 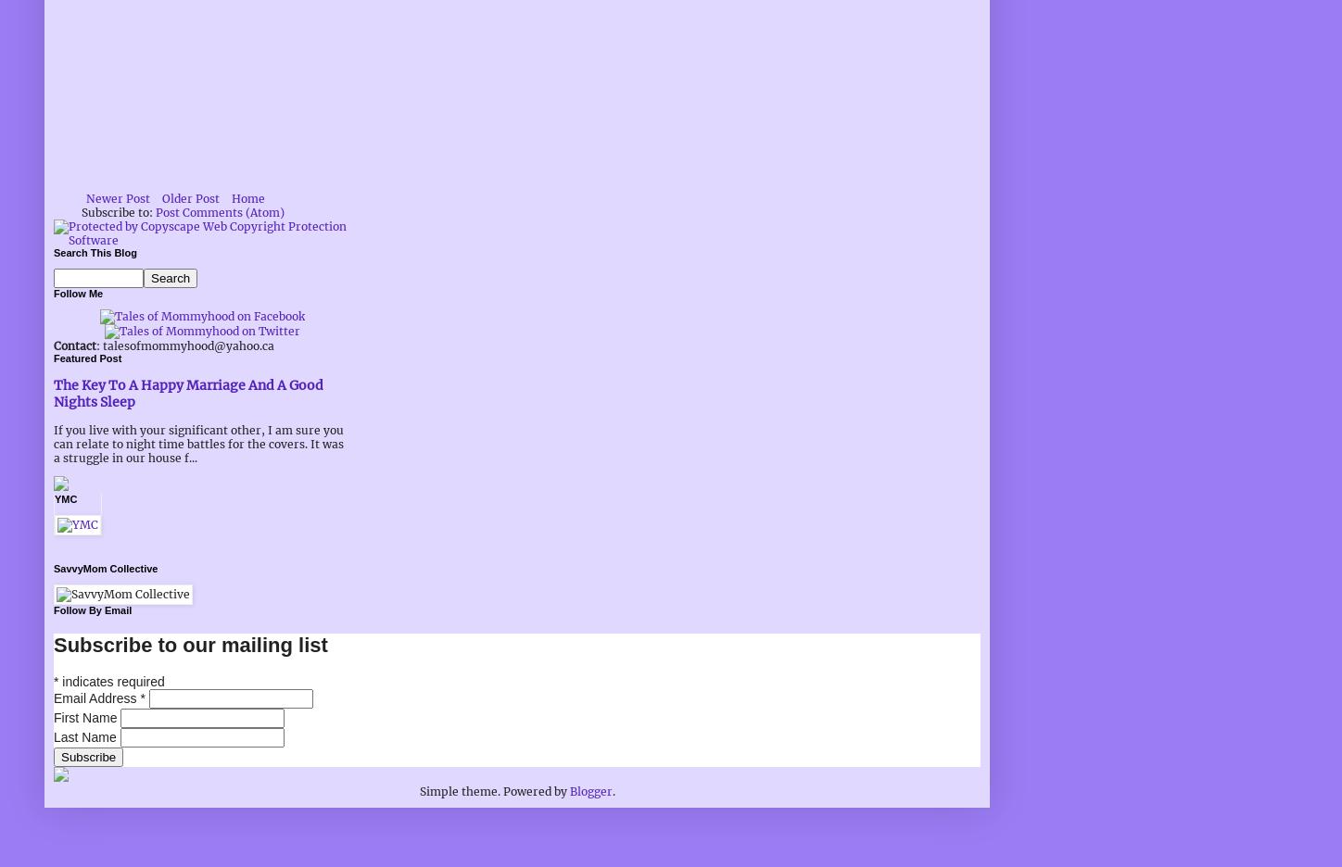 I want to click on 'YMC', so click(x=54, y=499).